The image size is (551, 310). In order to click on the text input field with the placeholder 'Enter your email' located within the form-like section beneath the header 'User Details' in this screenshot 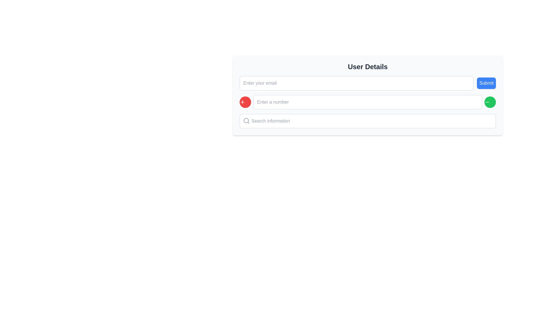, I will do `click(368, 83)`.